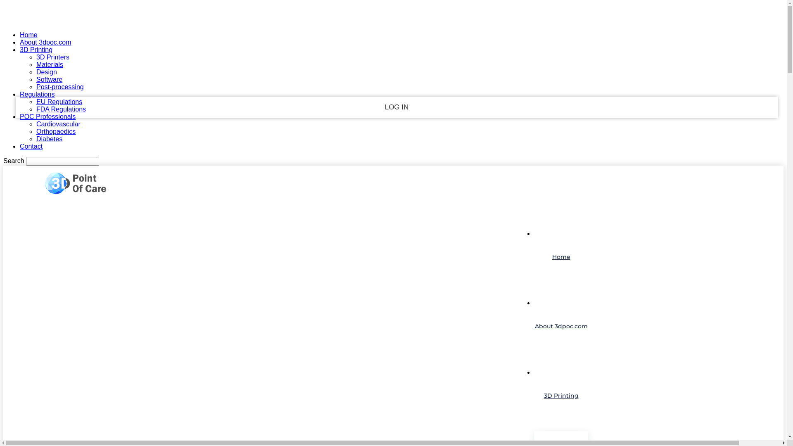 The image size is (793, 446). Describe the element at coordinates (36, 87) in the screenshot. I see `'Post-processing'` at that location.